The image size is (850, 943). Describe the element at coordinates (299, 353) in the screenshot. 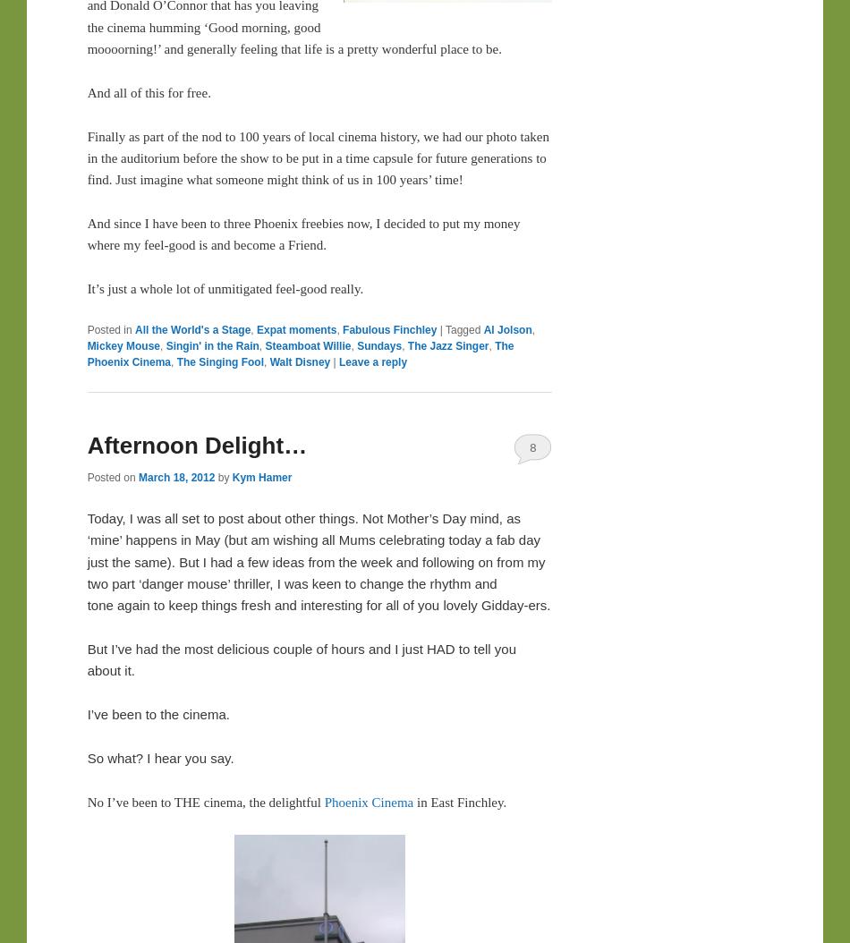

I see `'The Phoenix Cinema'` at that location.